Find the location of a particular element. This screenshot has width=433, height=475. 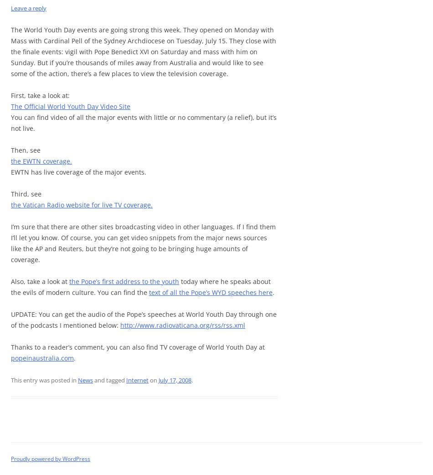

'Internet' is located at coordinates (137, 380).